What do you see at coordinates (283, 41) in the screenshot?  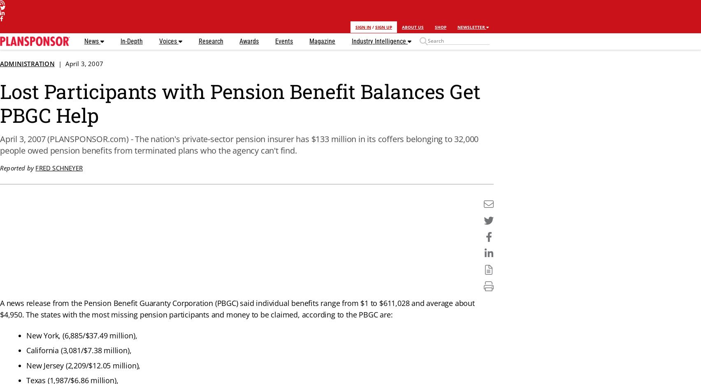 I see `'Events'` at bounding box center [283, 41].